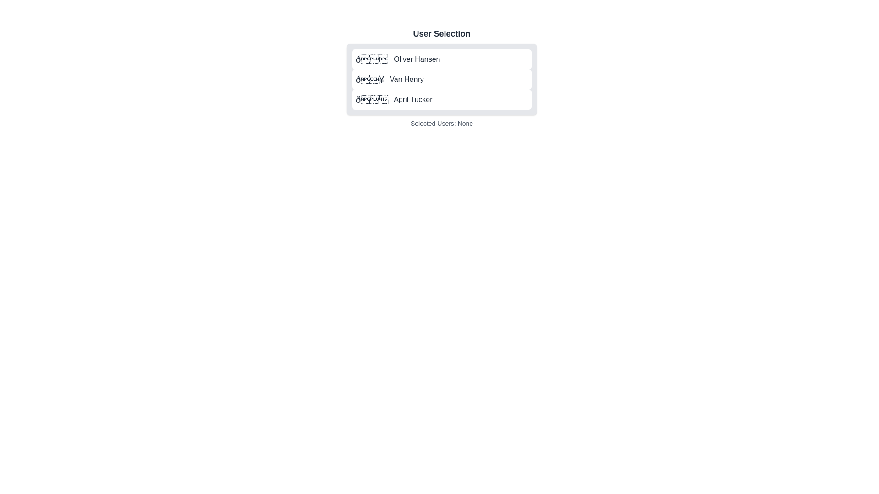 This screenshot has height=494, width=879. What do you see at coordinates (372, 100) in the screenshot?
I see `the emoji element (🌈) styled with a large font, located to the left of 'April Tucker' in the third row of user selections` at bounding box center [372, 100].